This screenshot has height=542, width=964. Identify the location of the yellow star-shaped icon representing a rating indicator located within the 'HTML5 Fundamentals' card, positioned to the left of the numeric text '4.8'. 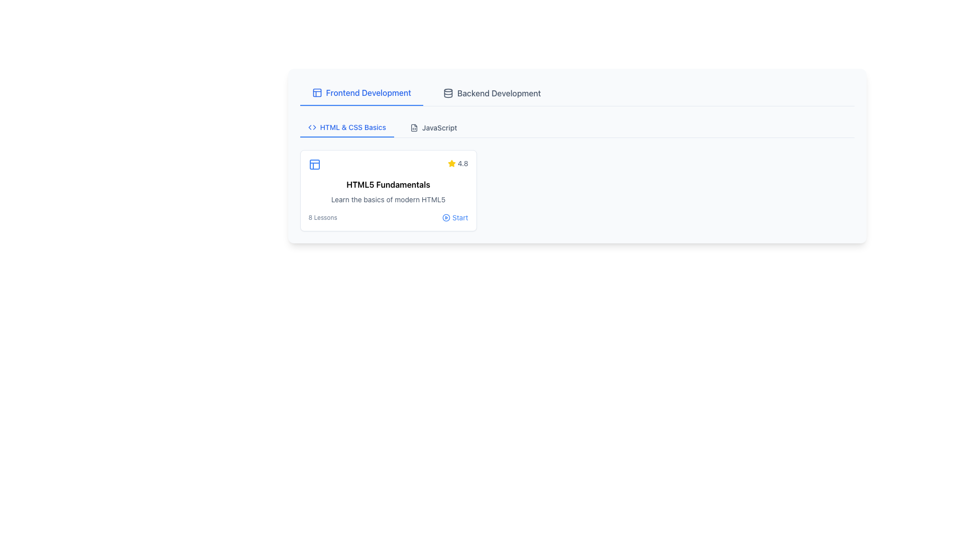
(451, 163).